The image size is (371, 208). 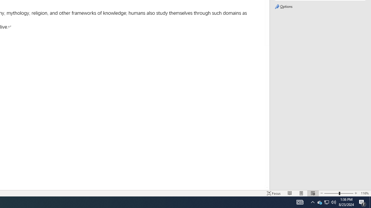 I want to click on 'Zoom Out', so click(x=331, y=193).